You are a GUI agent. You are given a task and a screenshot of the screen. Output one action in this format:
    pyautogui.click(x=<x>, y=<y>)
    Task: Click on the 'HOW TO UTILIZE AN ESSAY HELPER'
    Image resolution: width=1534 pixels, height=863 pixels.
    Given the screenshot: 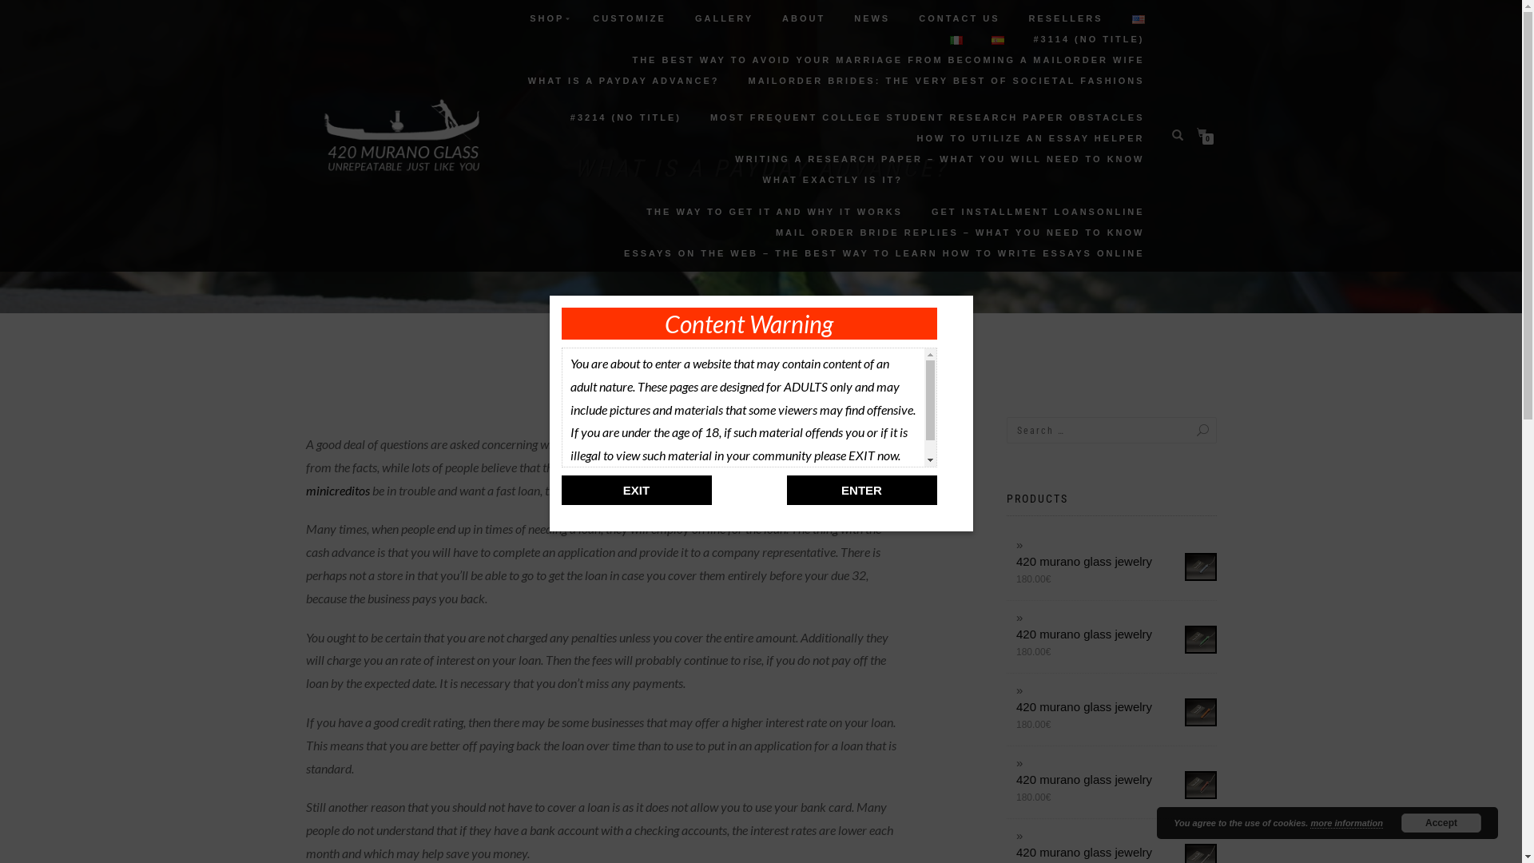 What is the action you would take?
    pyautogui.click(x=1031, y=137)
    